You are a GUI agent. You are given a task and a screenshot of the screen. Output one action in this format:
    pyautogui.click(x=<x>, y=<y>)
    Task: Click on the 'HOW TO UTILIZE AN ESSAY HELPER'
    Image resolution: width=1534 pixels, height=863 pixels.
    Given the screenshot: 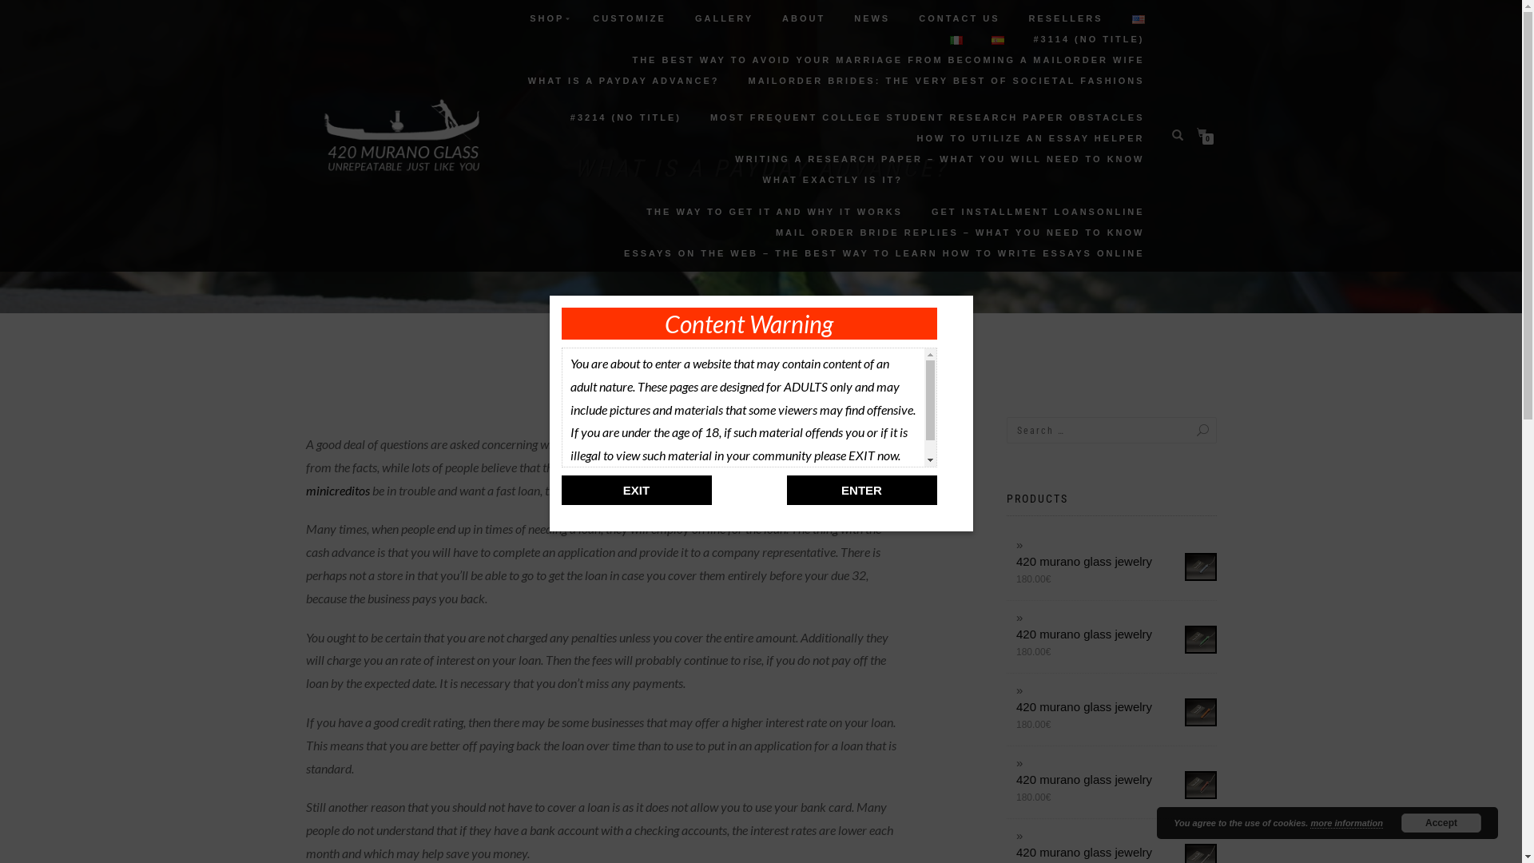 What is the action you would take?
    pyautogui.click(x=1031, y=137)
    